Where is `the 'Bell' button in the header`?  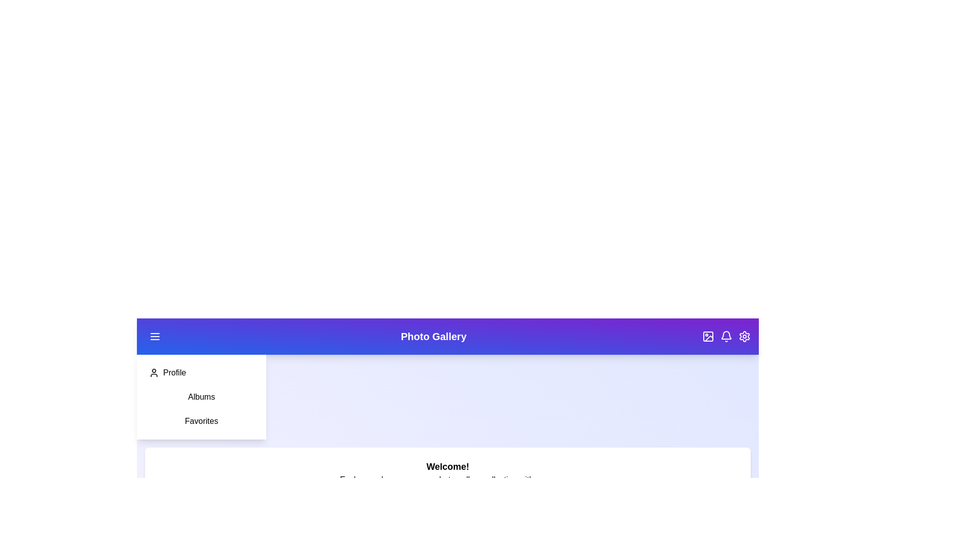
the 'Bell' button in the header is located at coordinates (726, 337).